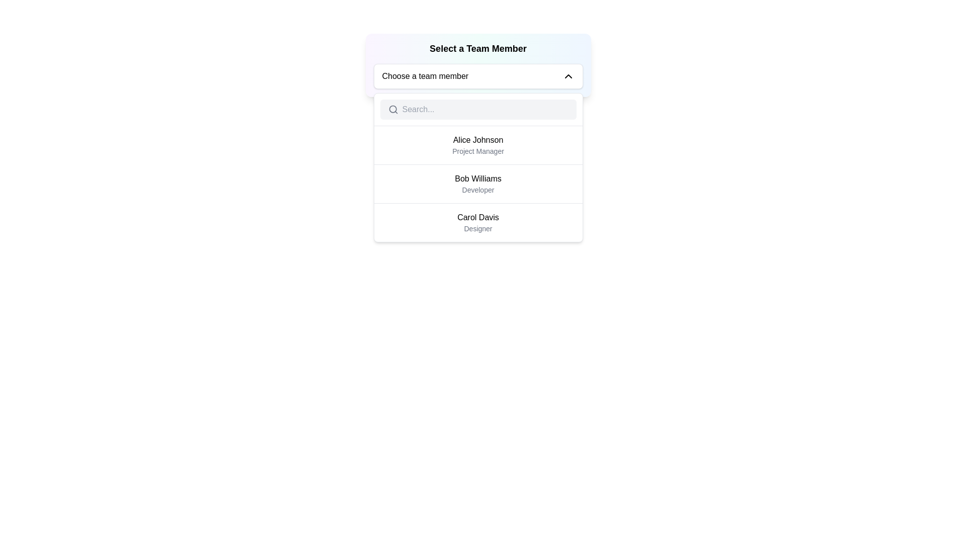 Image resolution: width=966 pixels, height=543 pixels. Describe the element at coordinates (568, 75) in the screenshot. I see `the downward chevron arrow icon button located at the top-right corner of the 'Choose a team member' dropdown field` at that location.